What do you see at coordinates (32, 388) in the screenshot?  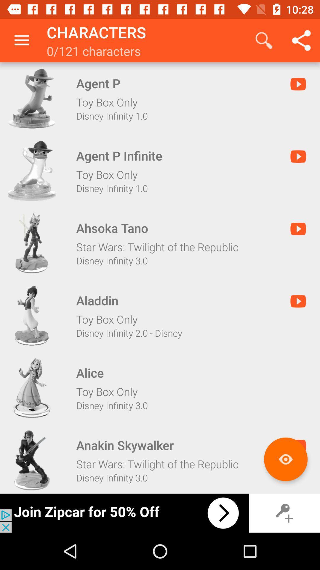 I see `alice character` at bounding box center [32, 388].